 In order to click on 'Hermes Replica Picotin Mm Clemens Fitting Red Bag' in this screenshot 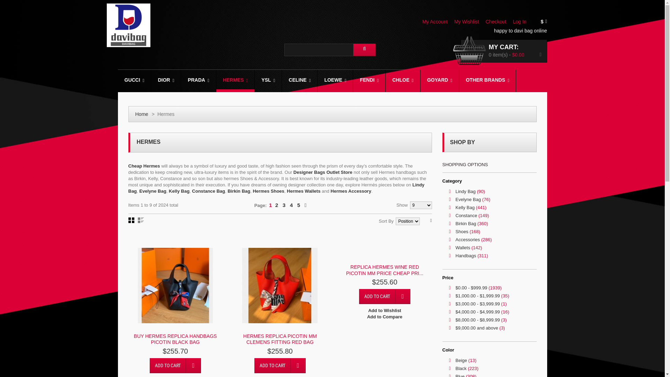, I will do `click(280, 285)`.